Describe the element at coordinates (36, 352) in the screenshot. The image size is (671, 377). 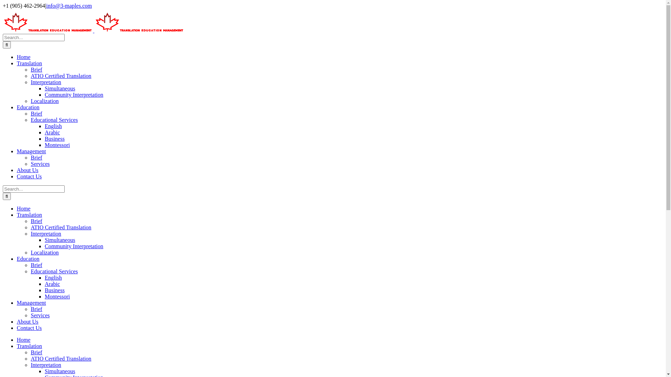
I see `'Brief'` at that location.